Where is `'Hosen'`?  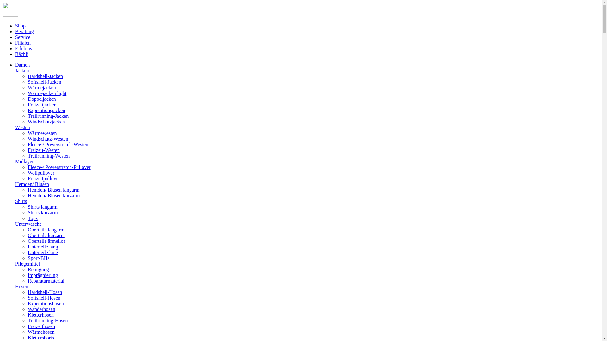
'Hosen' is located at coordinates (21, 286).